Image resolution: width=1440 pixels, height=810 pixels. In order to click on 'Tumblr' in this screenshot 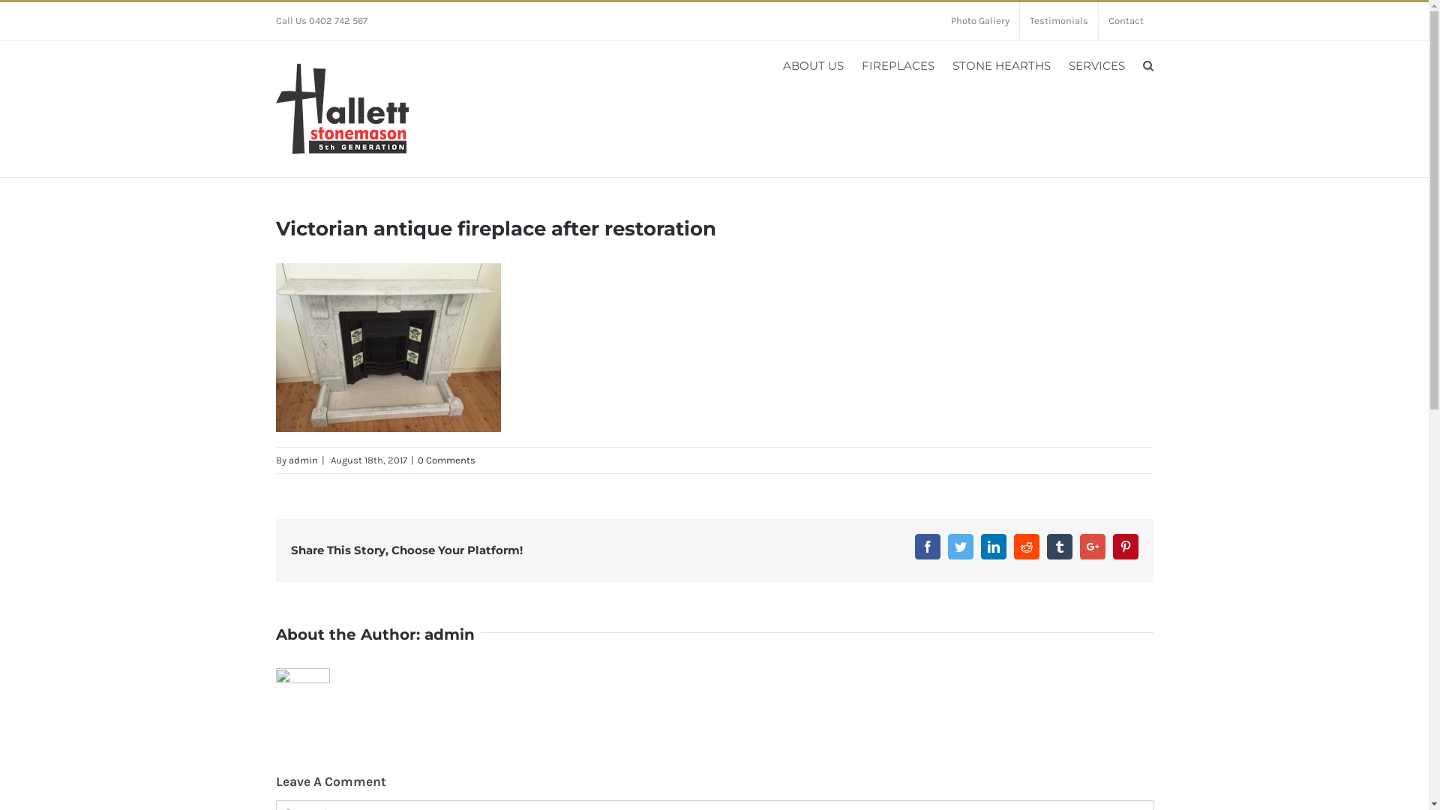, I will do `click(1058, 547)`.